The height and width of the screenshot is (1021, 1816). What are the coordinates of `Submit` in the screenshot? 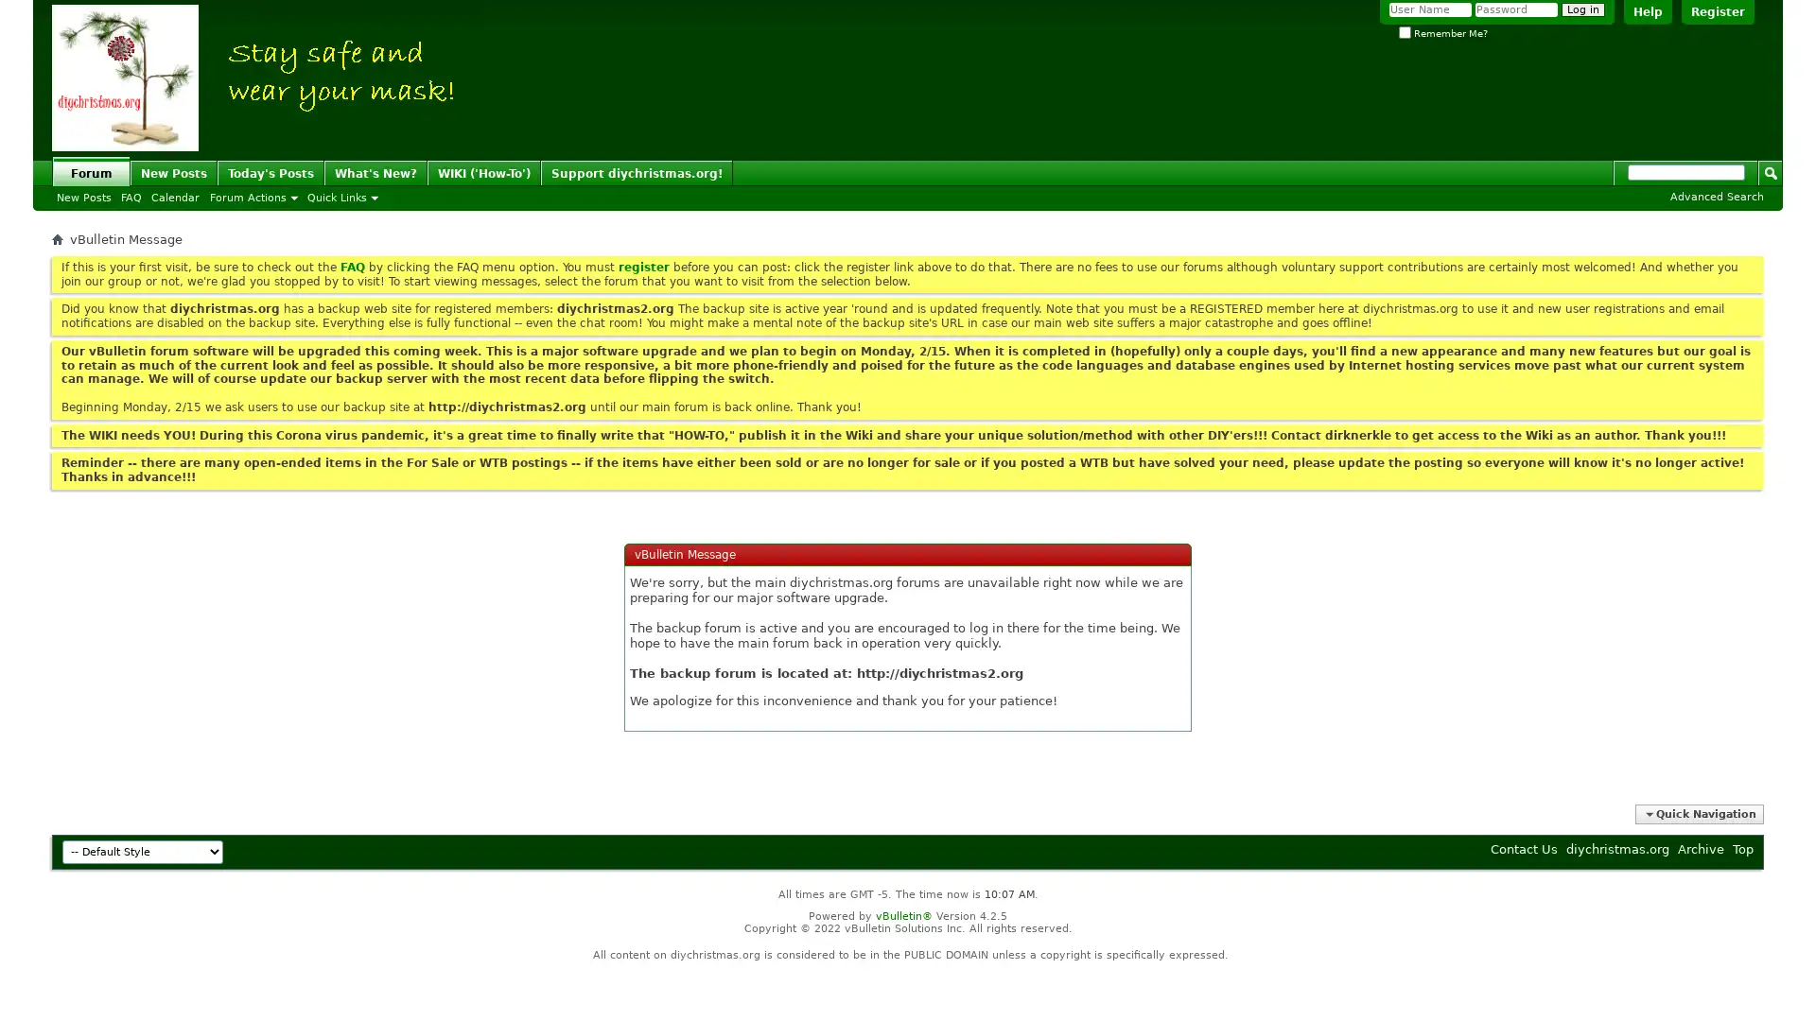 It's located at (1770, 171).